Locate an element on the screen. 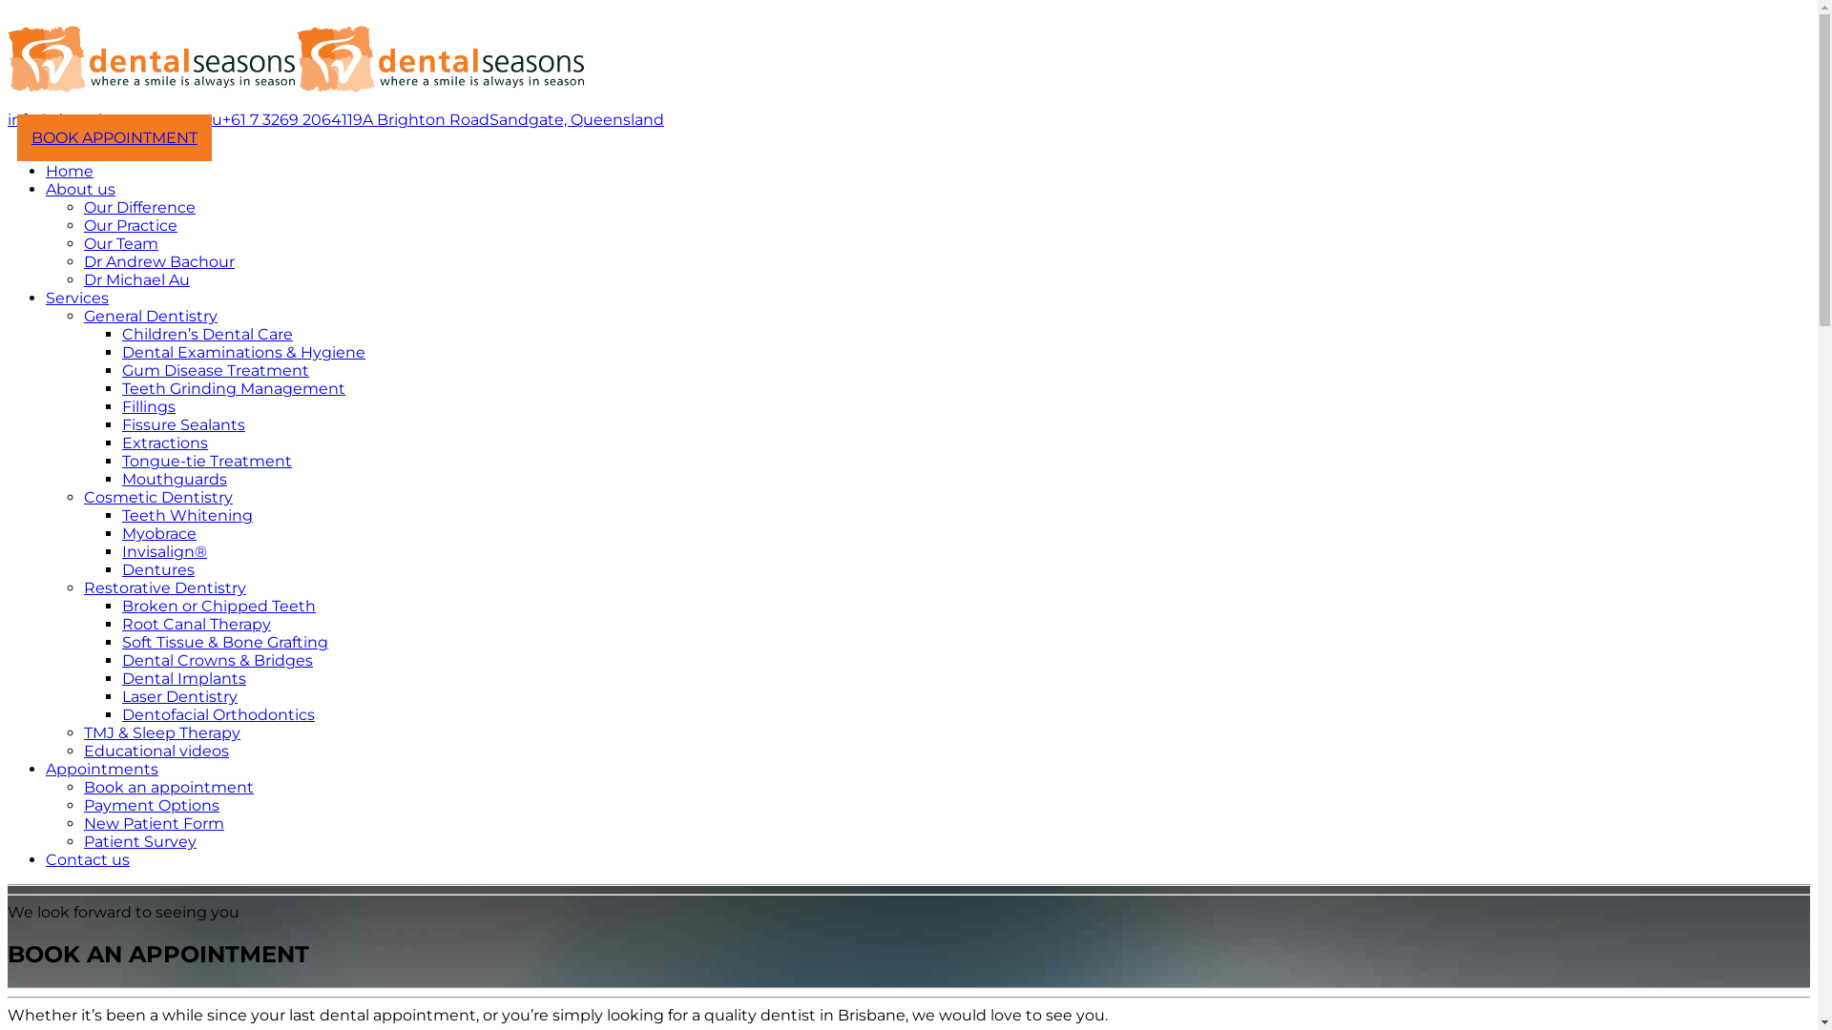 This screenshot has height=1030, width=1832. 'Dr Andrew Bachour' is located at coordinates (159, 261).